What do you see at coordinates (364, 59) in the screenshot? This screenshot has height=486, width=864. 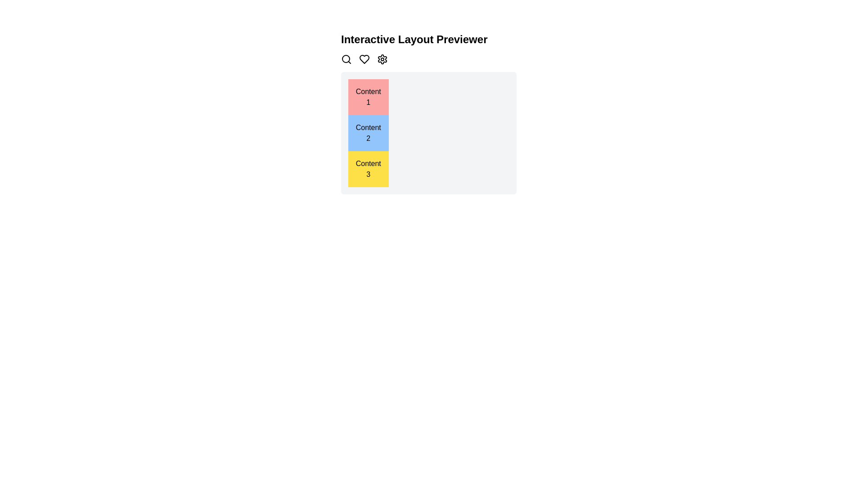 I see `the heart-shaped icon located between the magnifying glass and gear icons to like or favorite content` at bounding box center [364, 59].